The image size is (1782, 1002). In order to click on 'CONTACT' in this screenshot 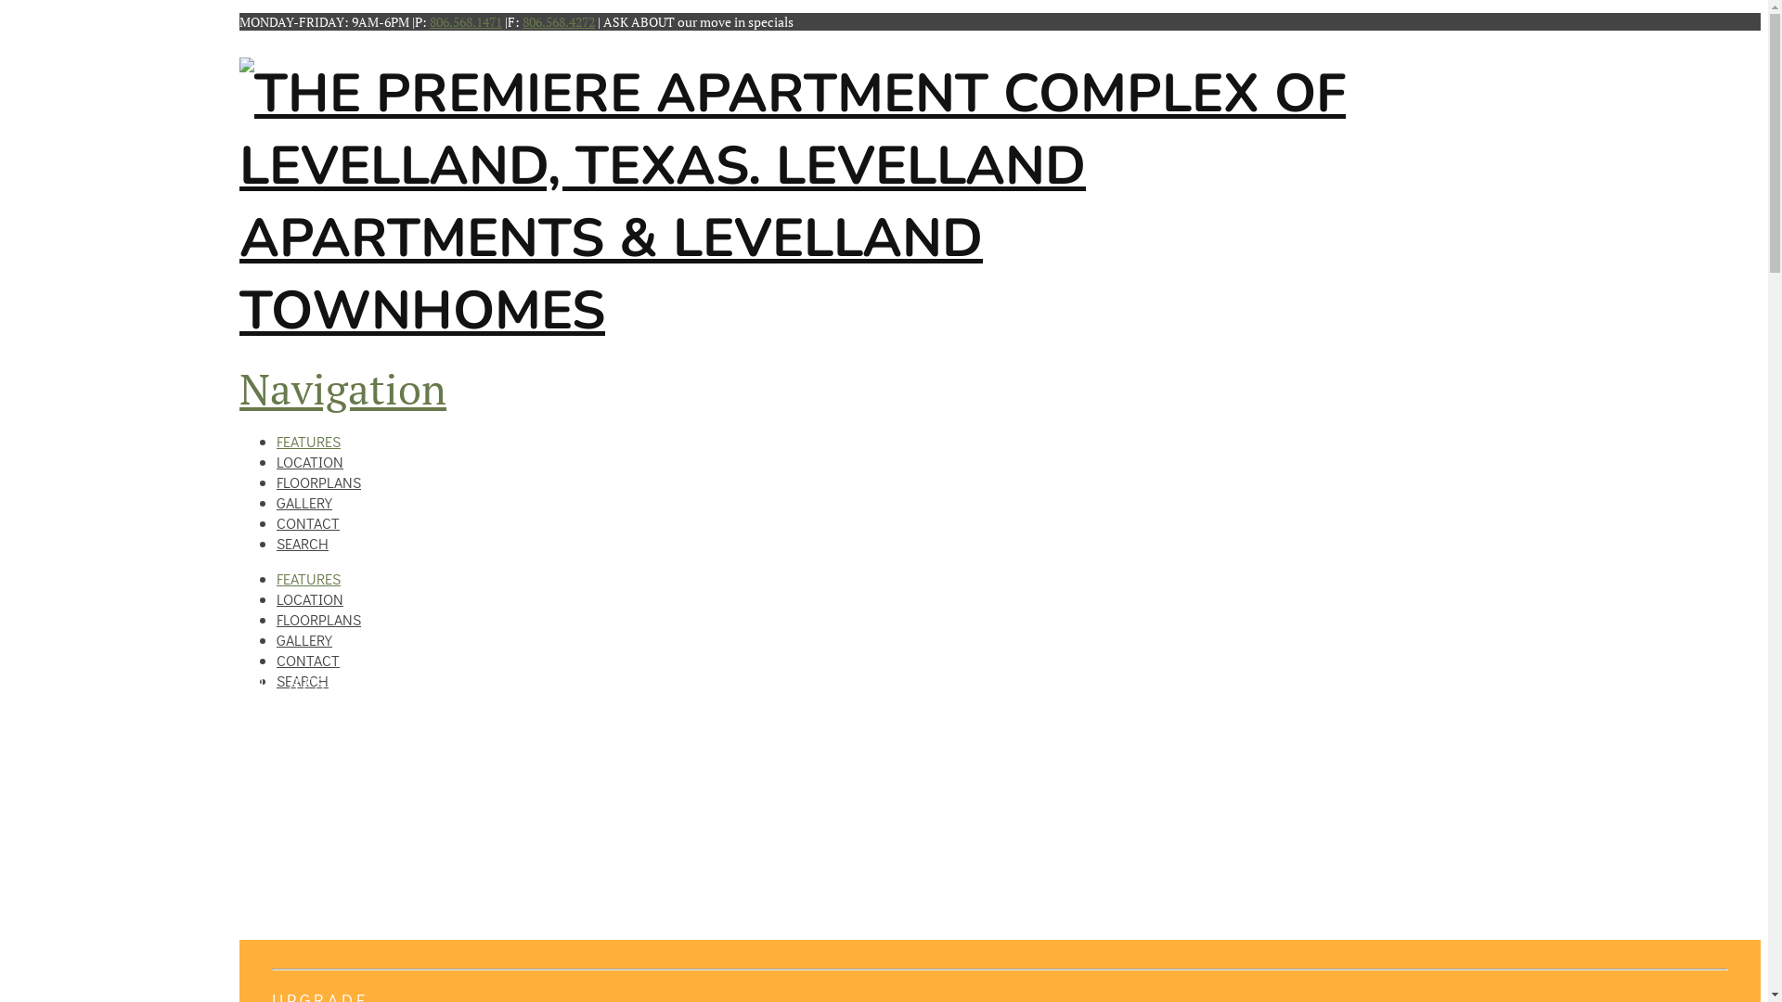, I will do `click(307, 659)`.